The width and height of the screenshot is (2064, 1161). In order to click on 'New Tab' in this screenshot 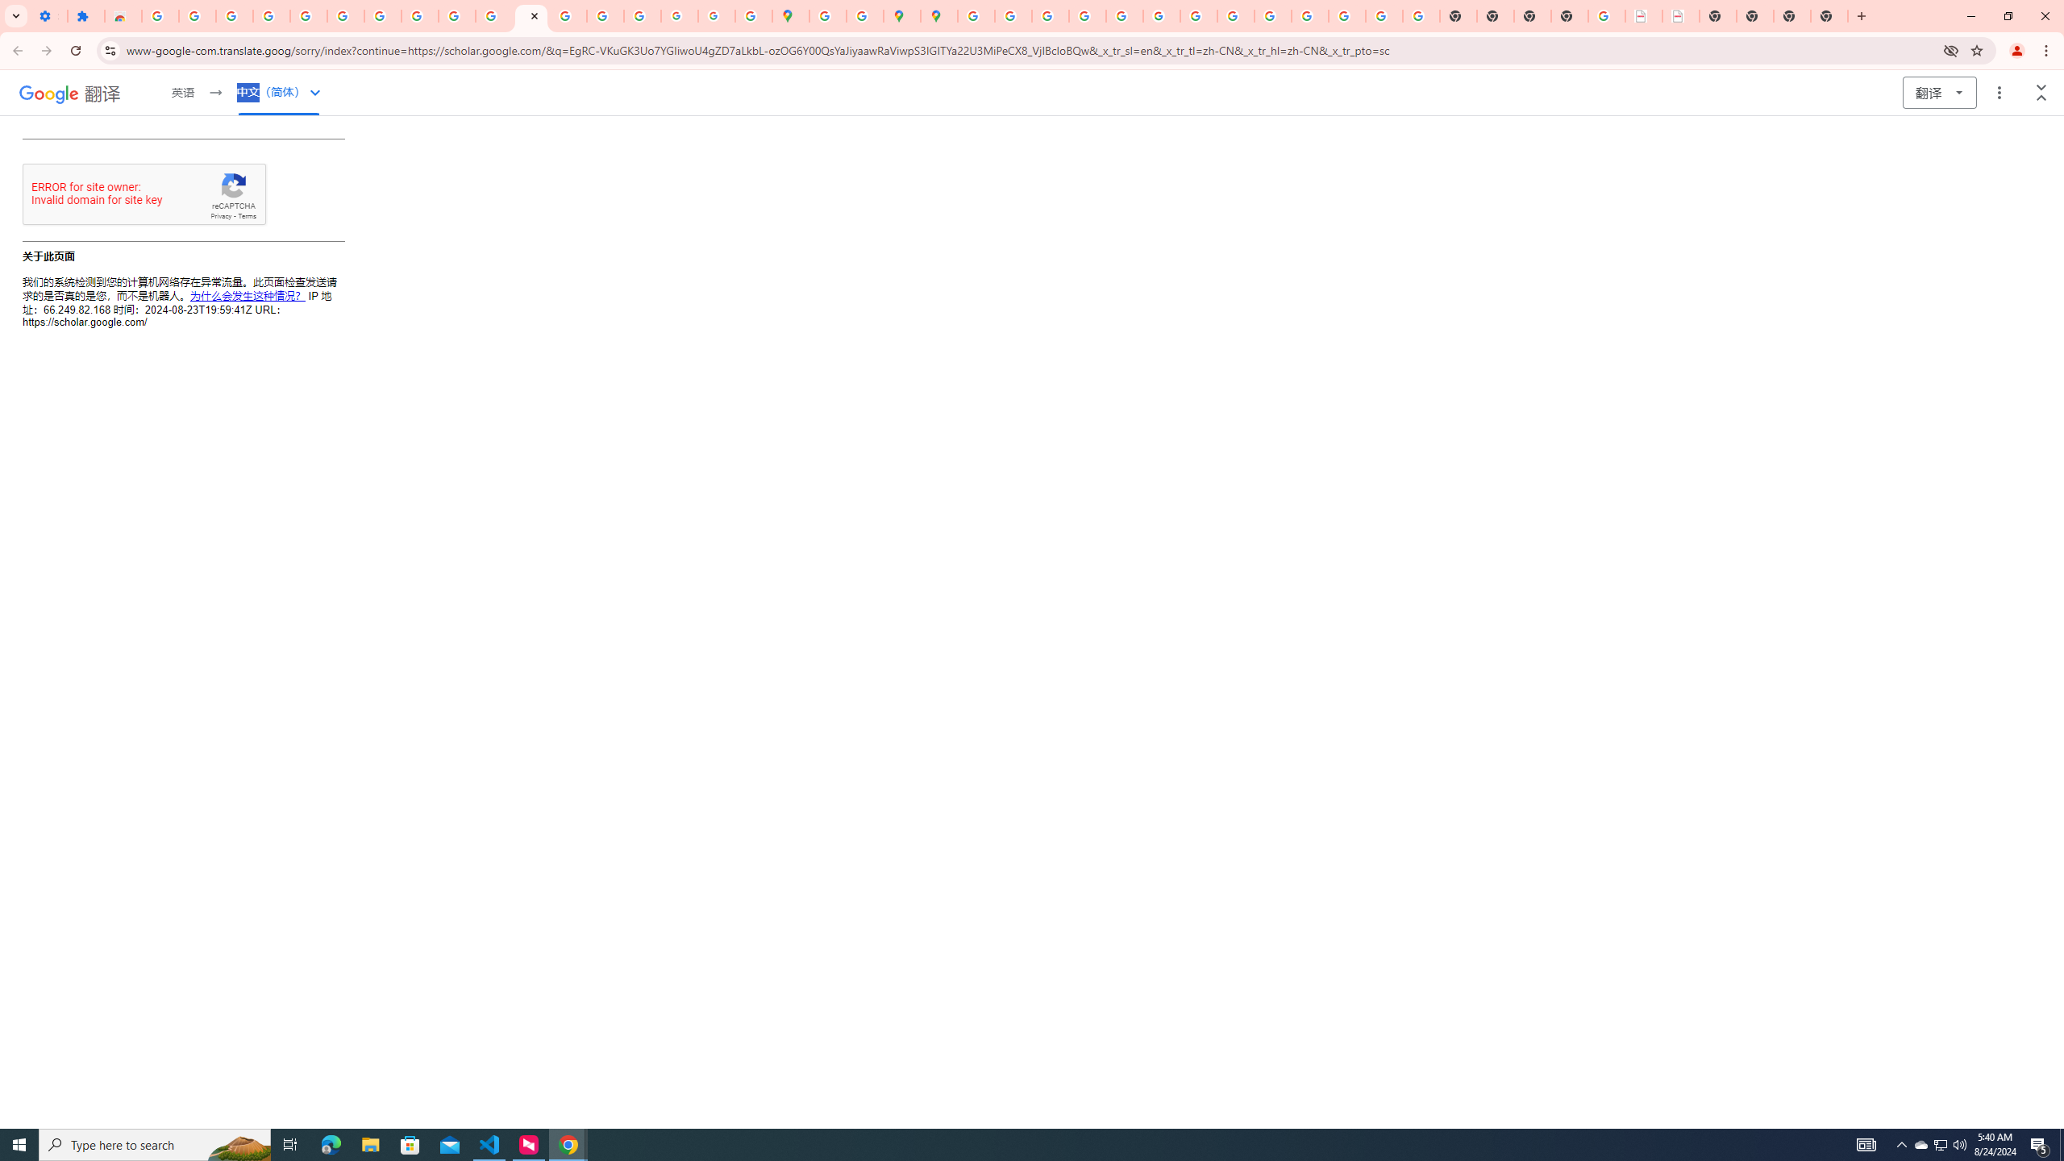, I will do `click(1829, 15)`.